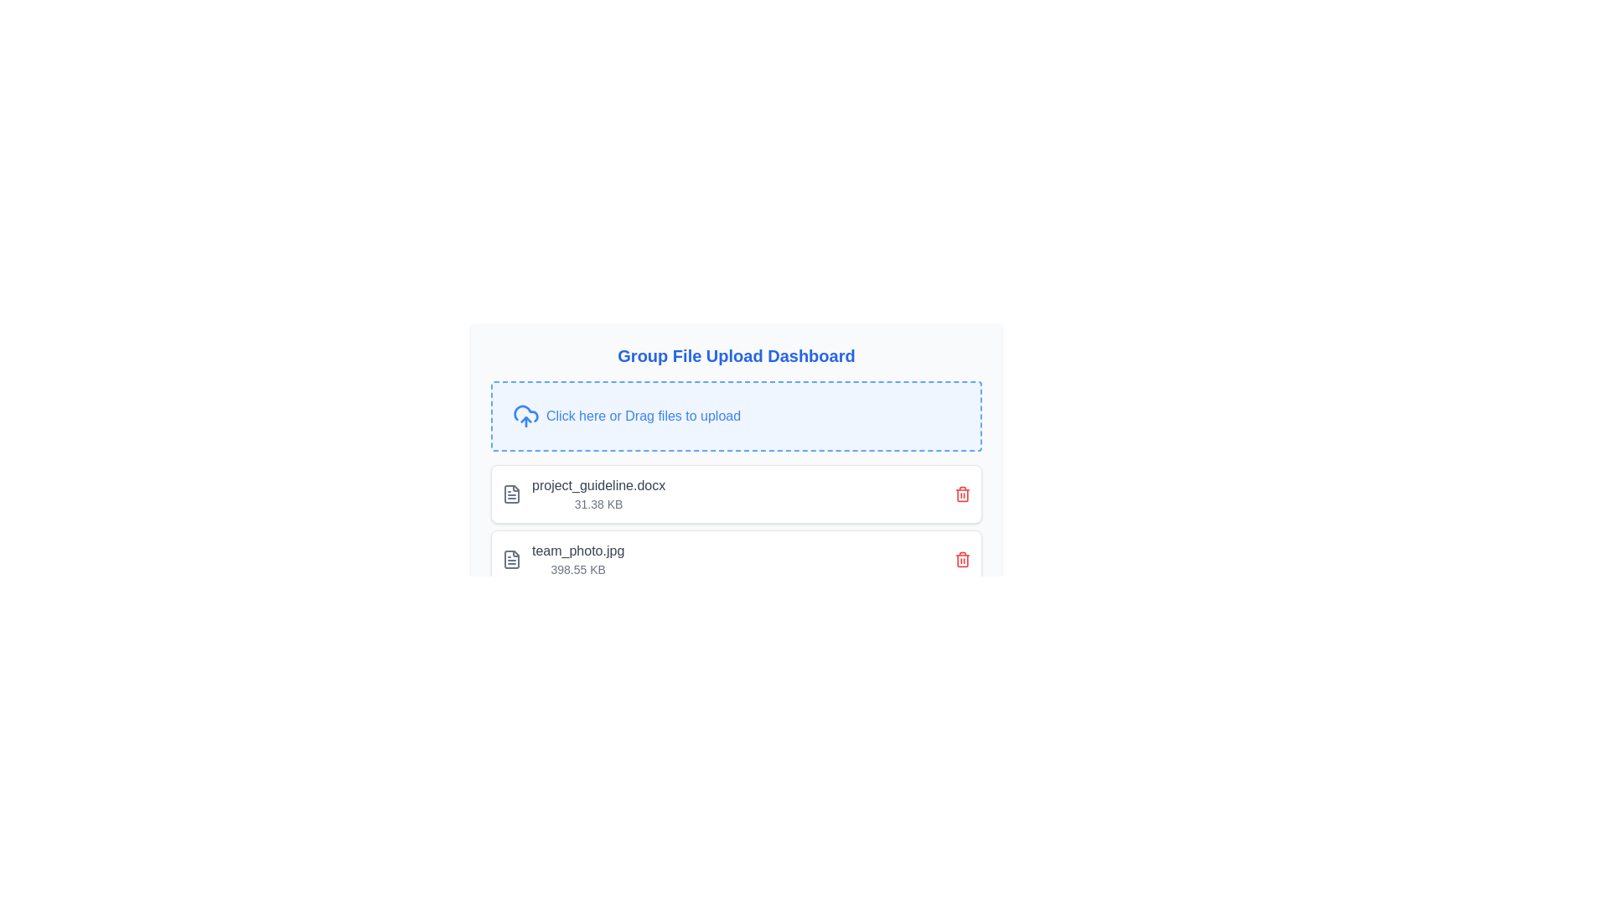 This screenshot has width=1609, height=905. Describe the element at coordinates (736, 559) in the screenshot. I see `the second file entry in the dashboard interface, which displays the uploaded file details and interaction options` at that location.